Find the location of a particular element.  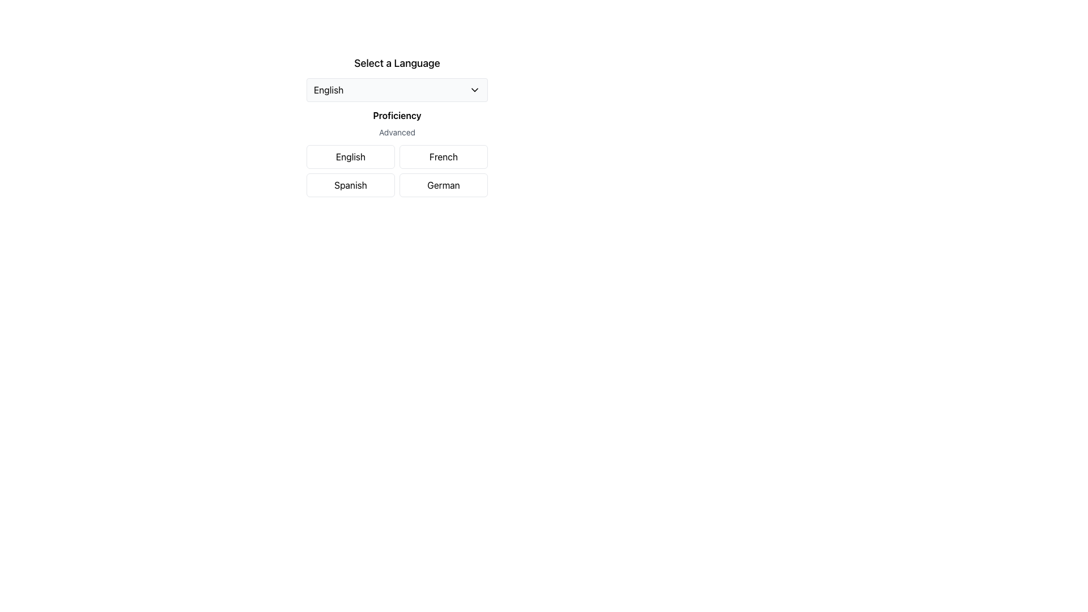

the 'French' language selection button located in the top-right slot of the button grid layout is located at coordinates (443, 157).